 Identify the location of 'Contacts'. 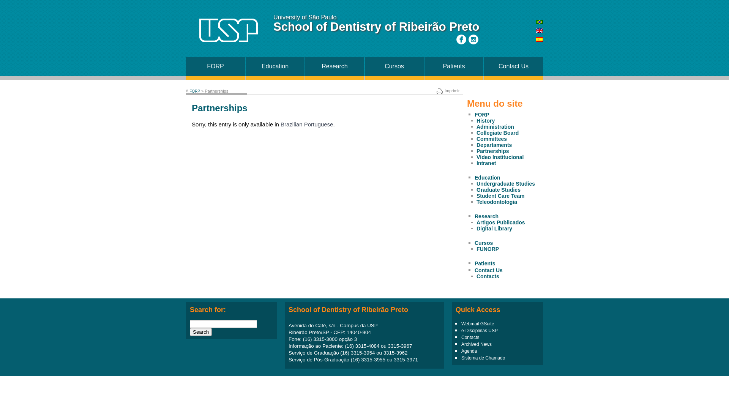
(470, 337).